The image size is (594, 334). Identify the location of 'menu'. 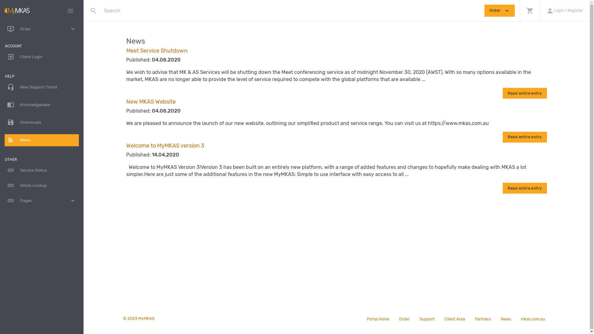
(71, 11).